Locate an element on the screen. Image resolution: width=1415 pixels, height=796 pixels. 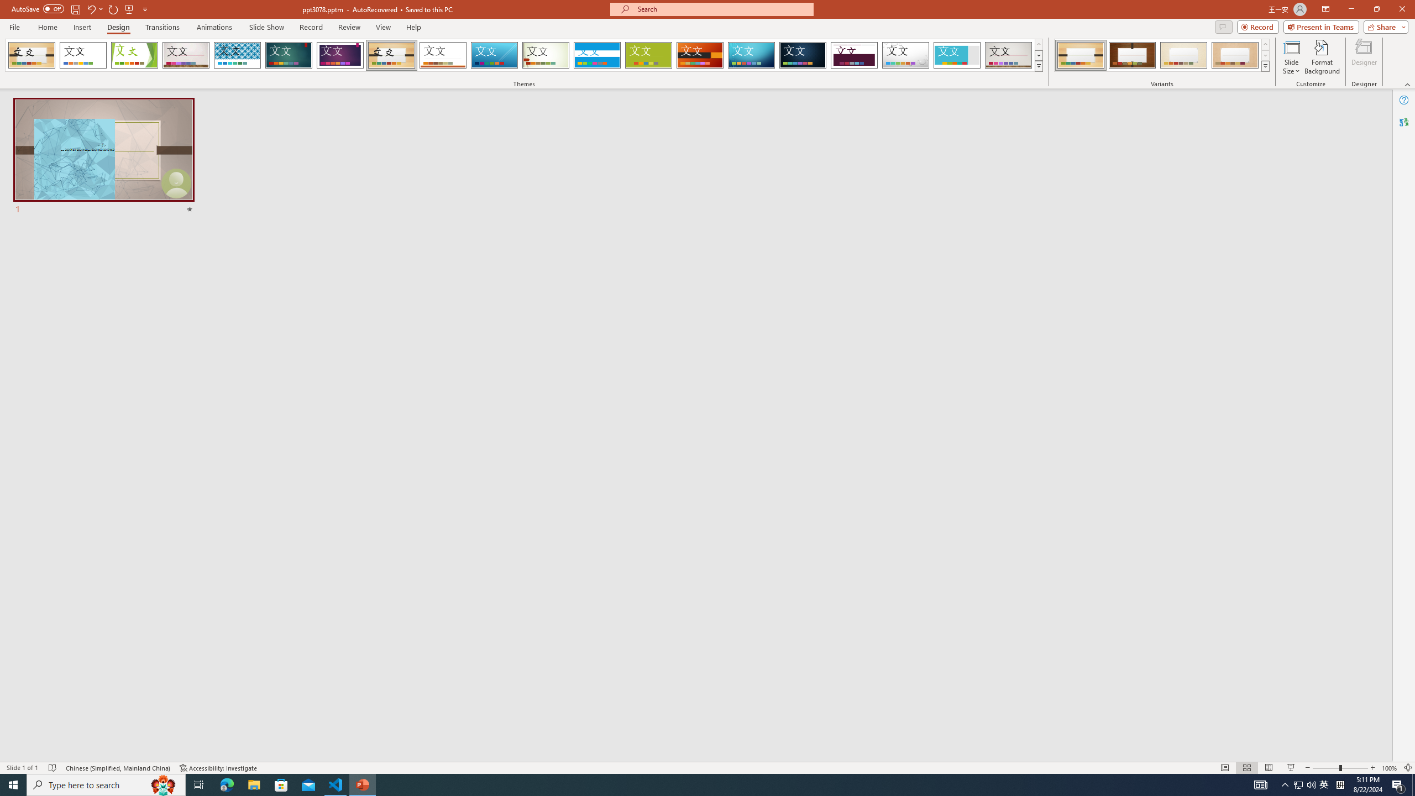
'Damask' is located at coordinates (802, 55).